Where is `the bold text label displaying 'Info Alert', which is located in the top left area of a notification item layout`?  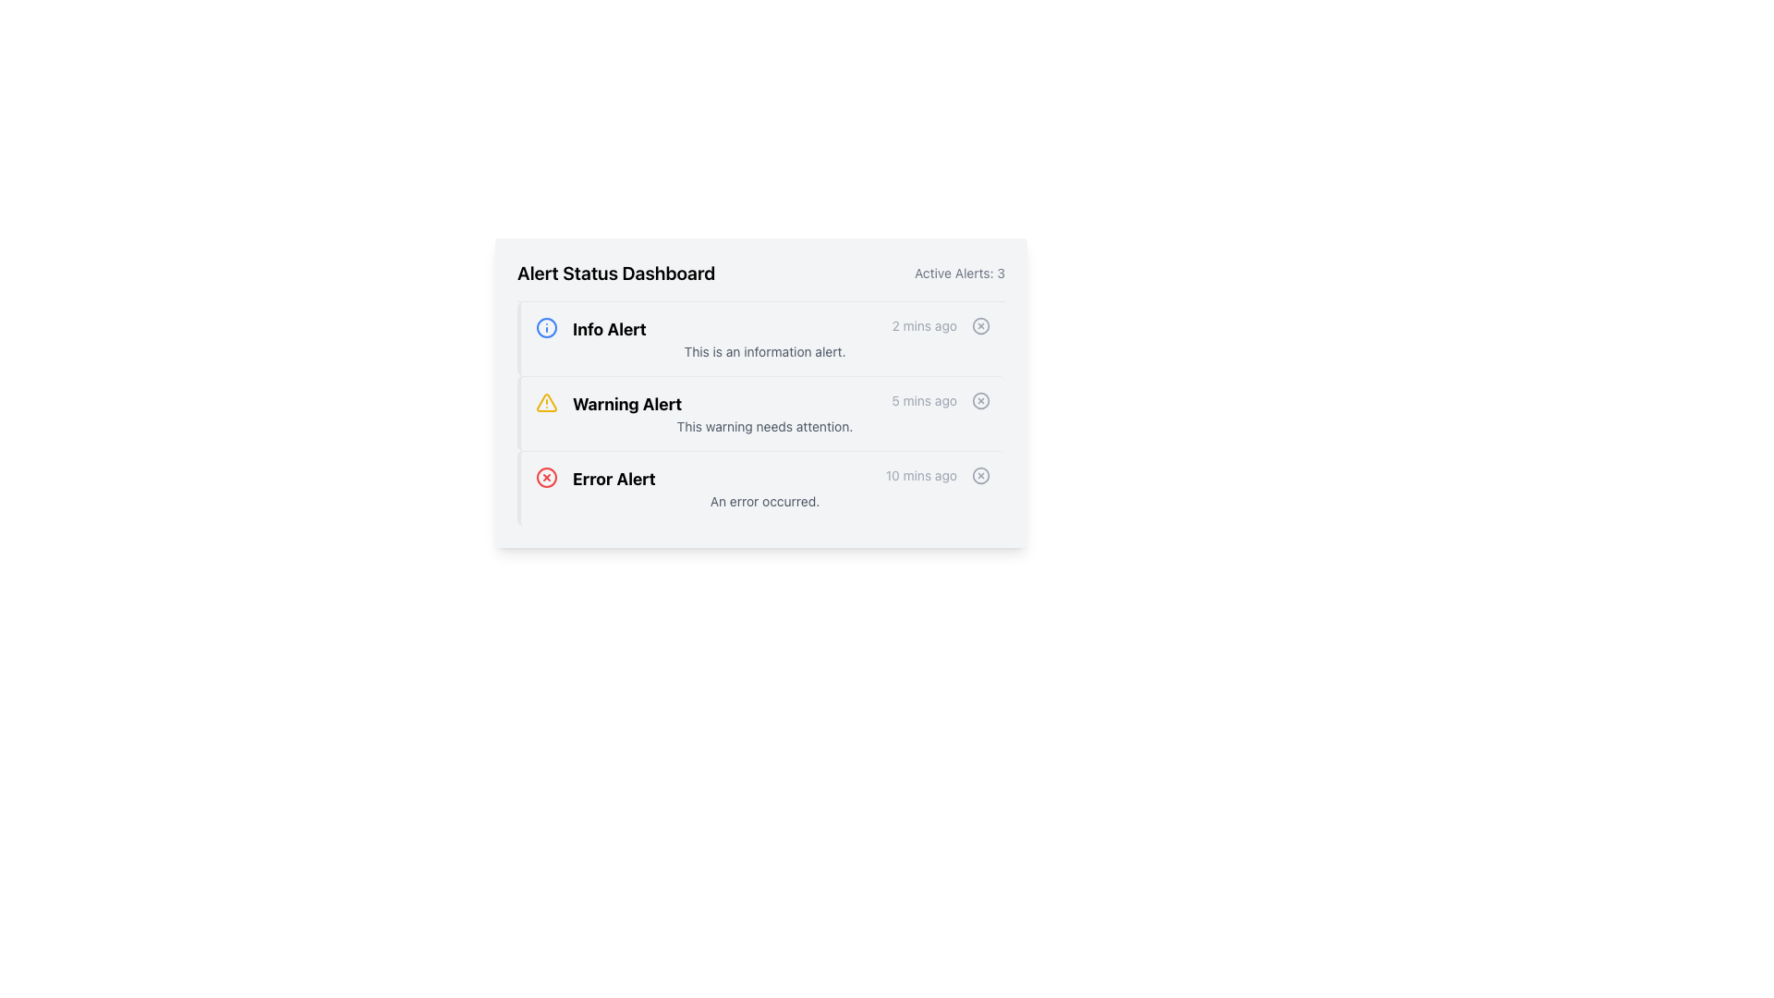 the bold text label displaying 'Info Alert', which is located in the top left area of a notification item layout is located at coordinates (609, 329).